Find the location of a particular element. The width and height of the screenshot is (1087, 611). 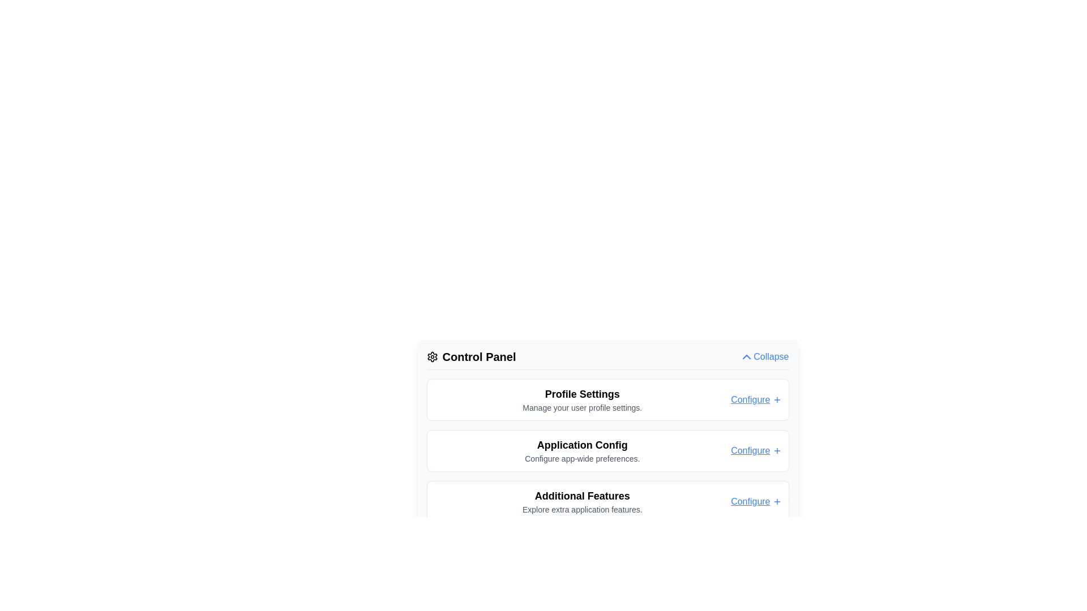

the 'Profile Settings' text label, which is a bold and important heading positioned above the descriptive text in the control panel is located at coordinates (582, 394).